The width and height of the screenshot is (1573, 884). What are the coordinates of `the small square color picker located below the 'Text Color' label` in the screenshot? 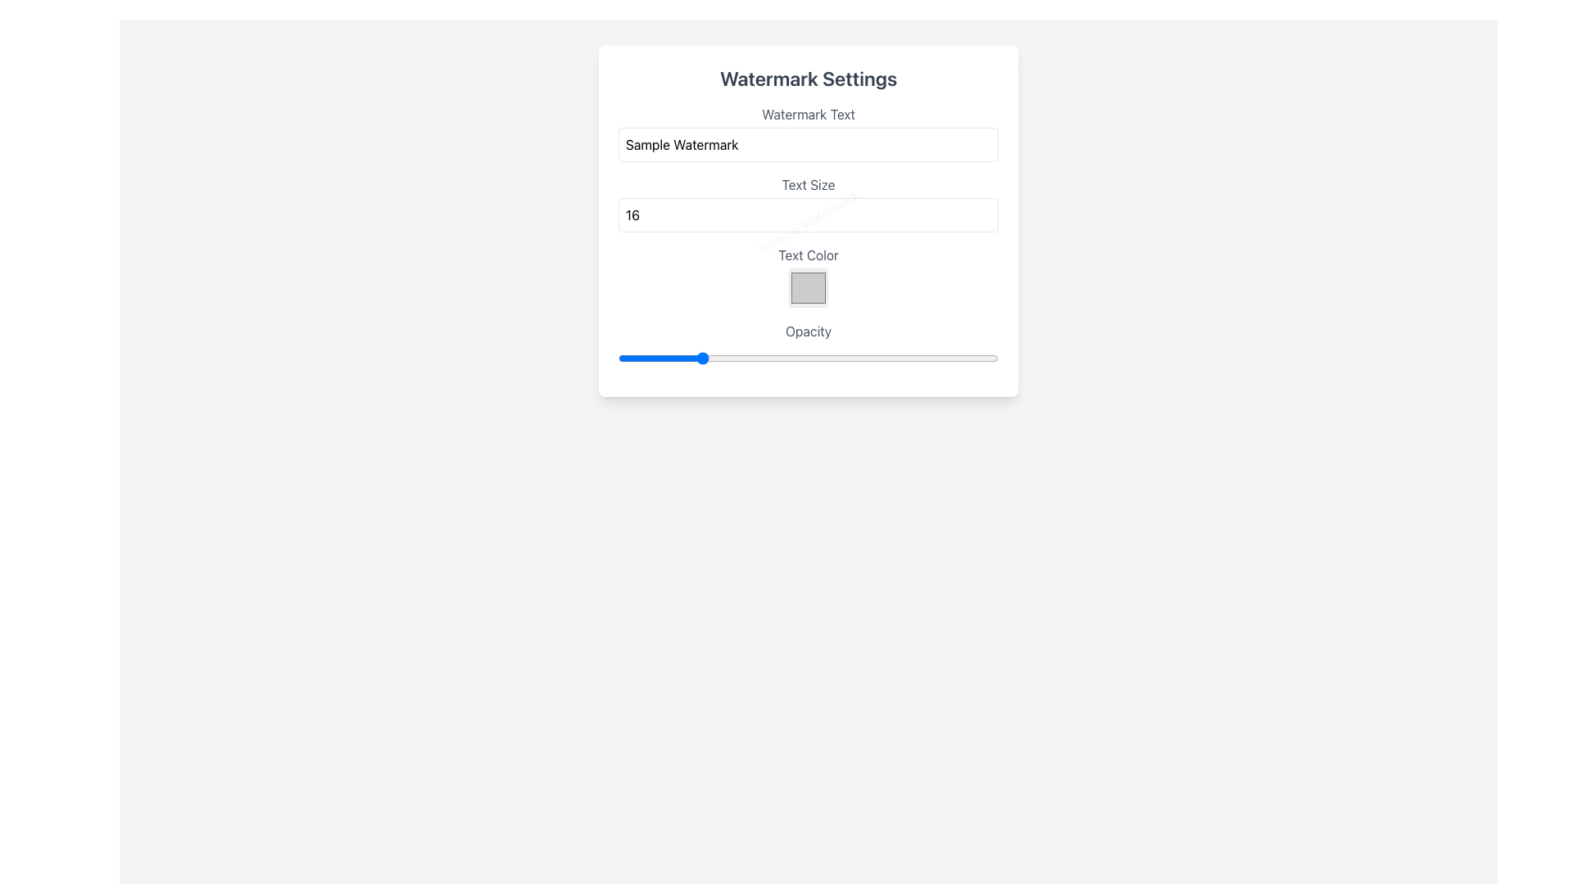 It's located at (809, 276).